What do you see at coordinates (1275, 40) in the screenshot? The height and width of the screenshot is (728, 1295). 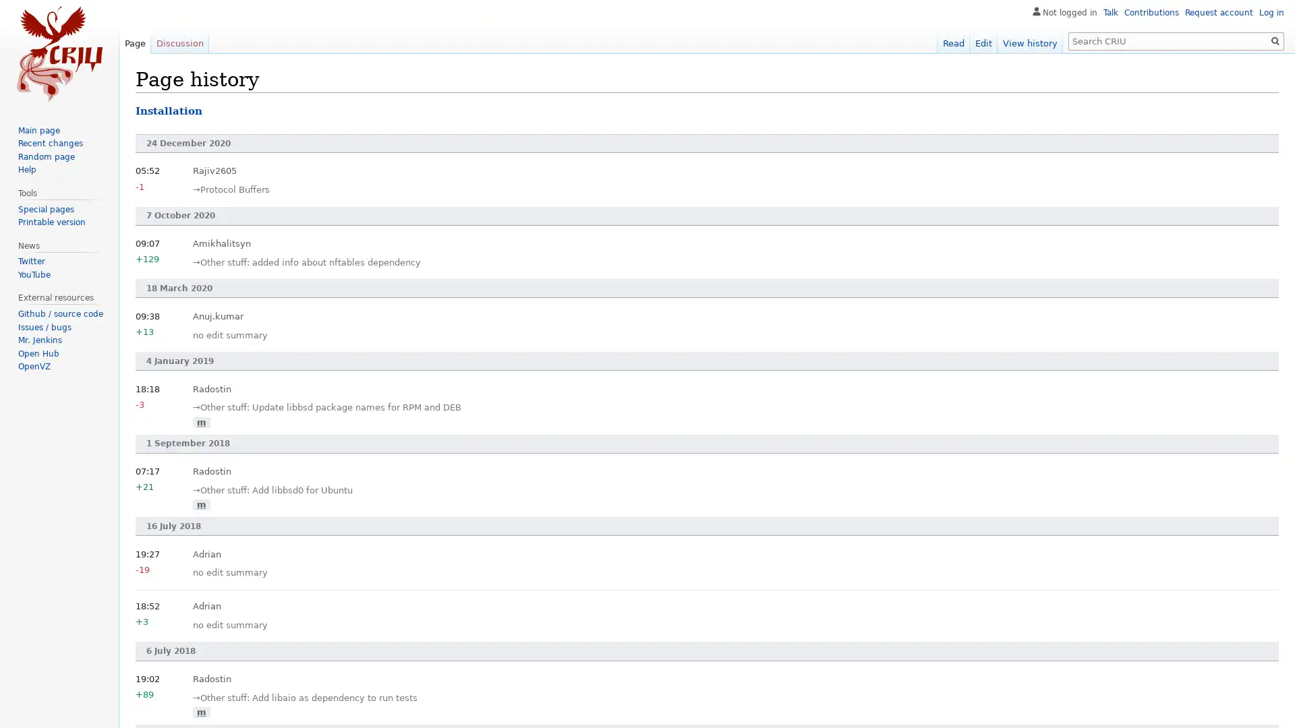 I see `Go` at bounding box center [1275, 40].